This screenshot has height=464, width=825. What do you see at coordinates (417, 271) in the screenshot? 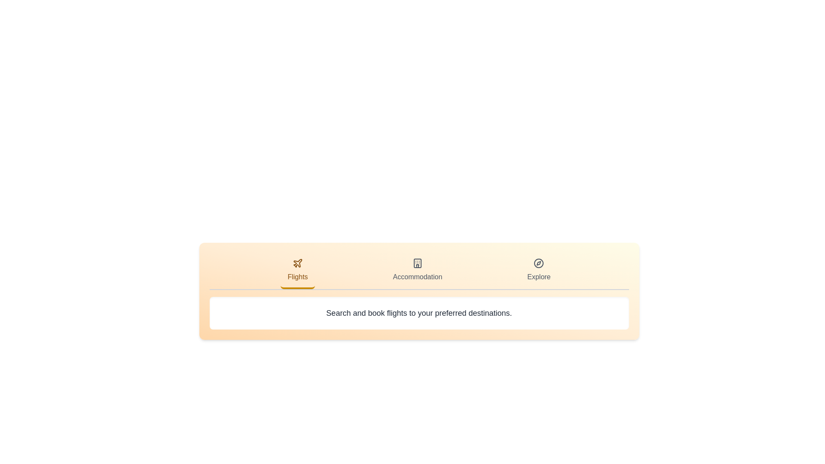
I see `the Accommodation tab to view its content` at bounding box center [417, 271].